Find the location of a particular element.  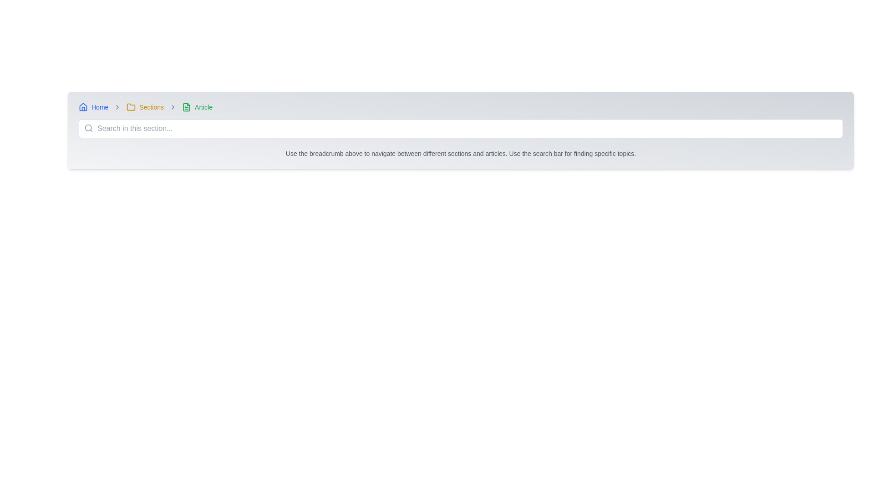

the interactive breadcrumb navigation link with an attached folder icon for keyboard navigation by clicking on it is located at coordinates (144, 106).